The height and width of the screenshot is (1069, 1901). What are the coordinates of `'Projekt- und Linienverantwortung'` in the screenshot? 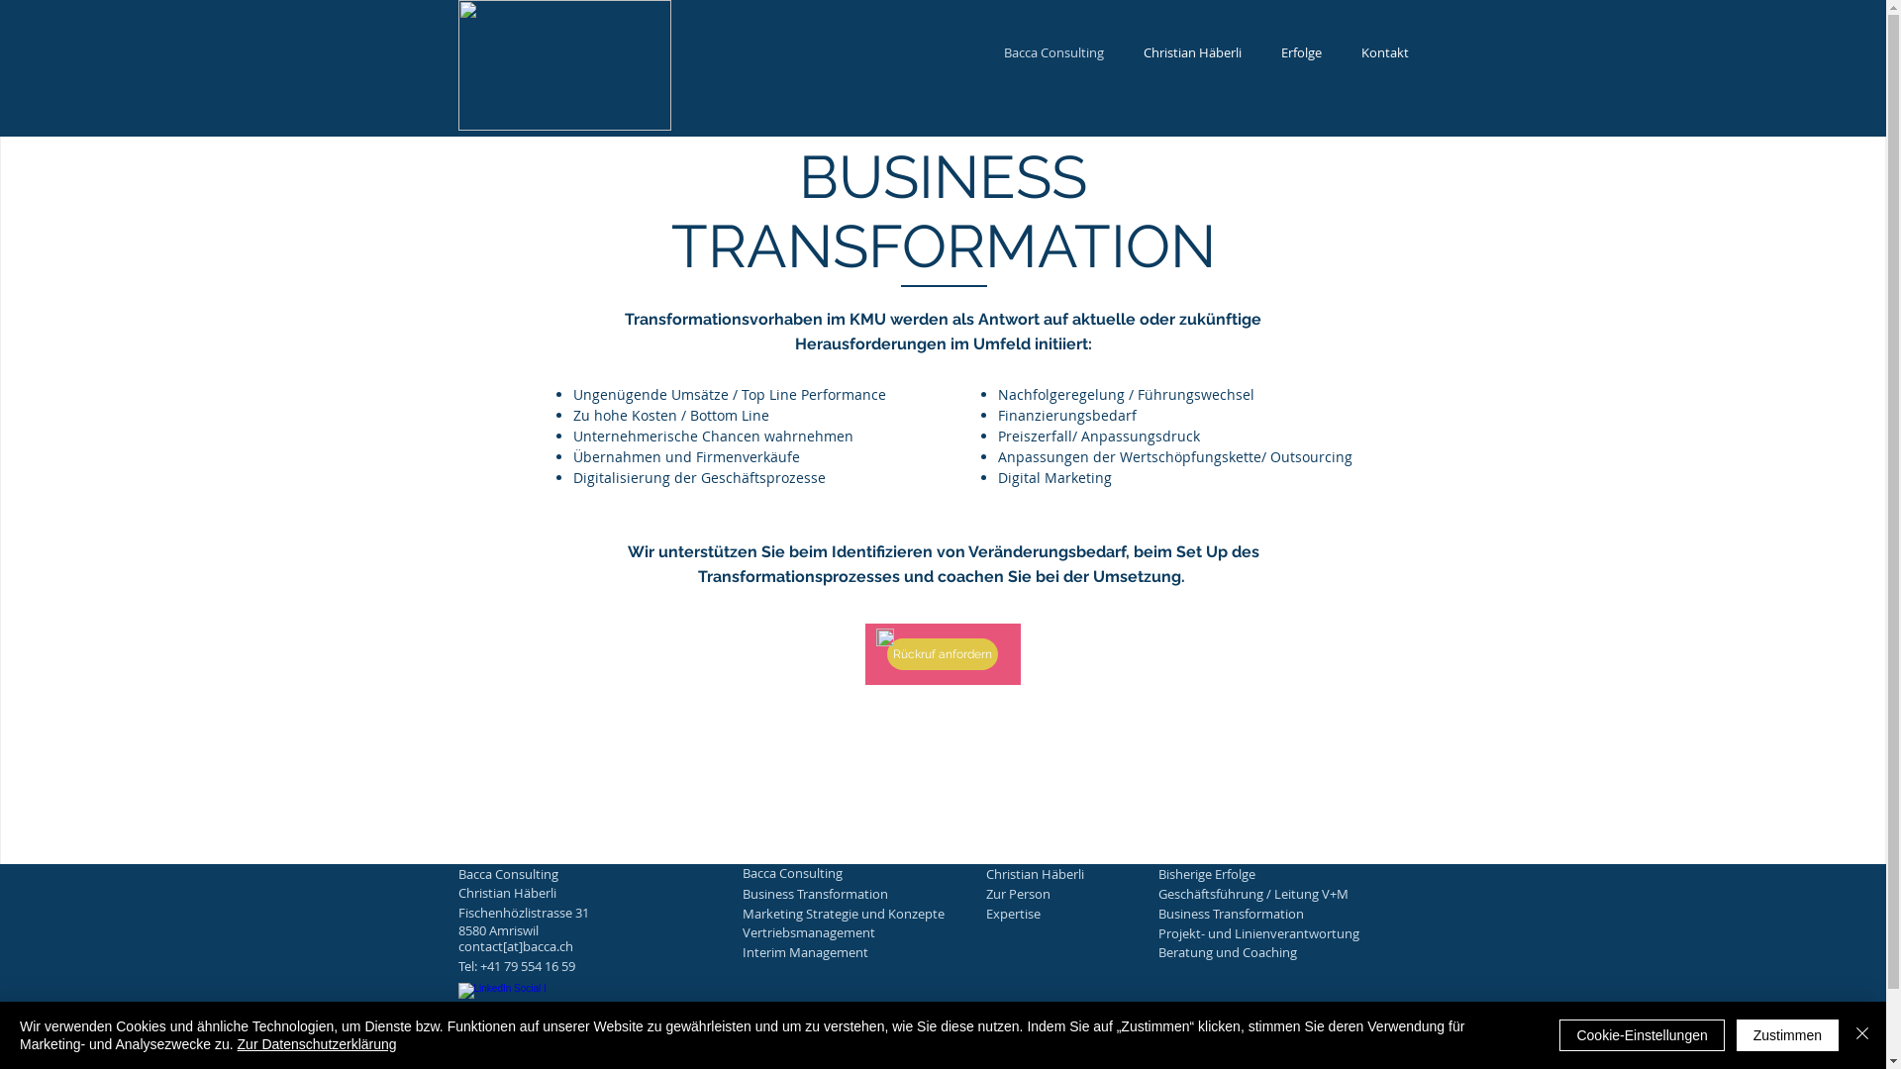 It's located at (1258, 932).